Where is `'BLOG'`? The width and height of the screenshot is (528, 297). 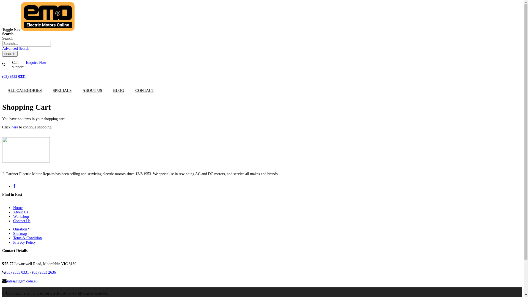
'BLOG' is located at coordinates (107, 90).